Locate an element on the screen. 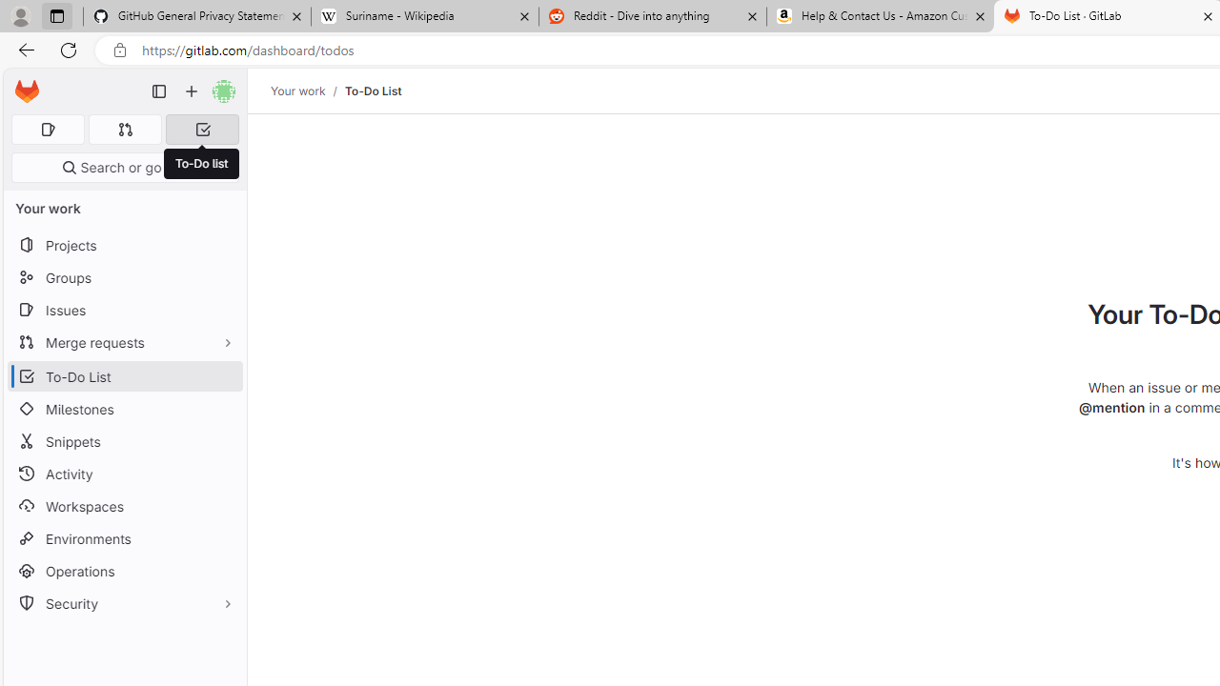 The height and width of the screenshot is (686, 1220). 'Activity' is located at coordinates (124, 473).